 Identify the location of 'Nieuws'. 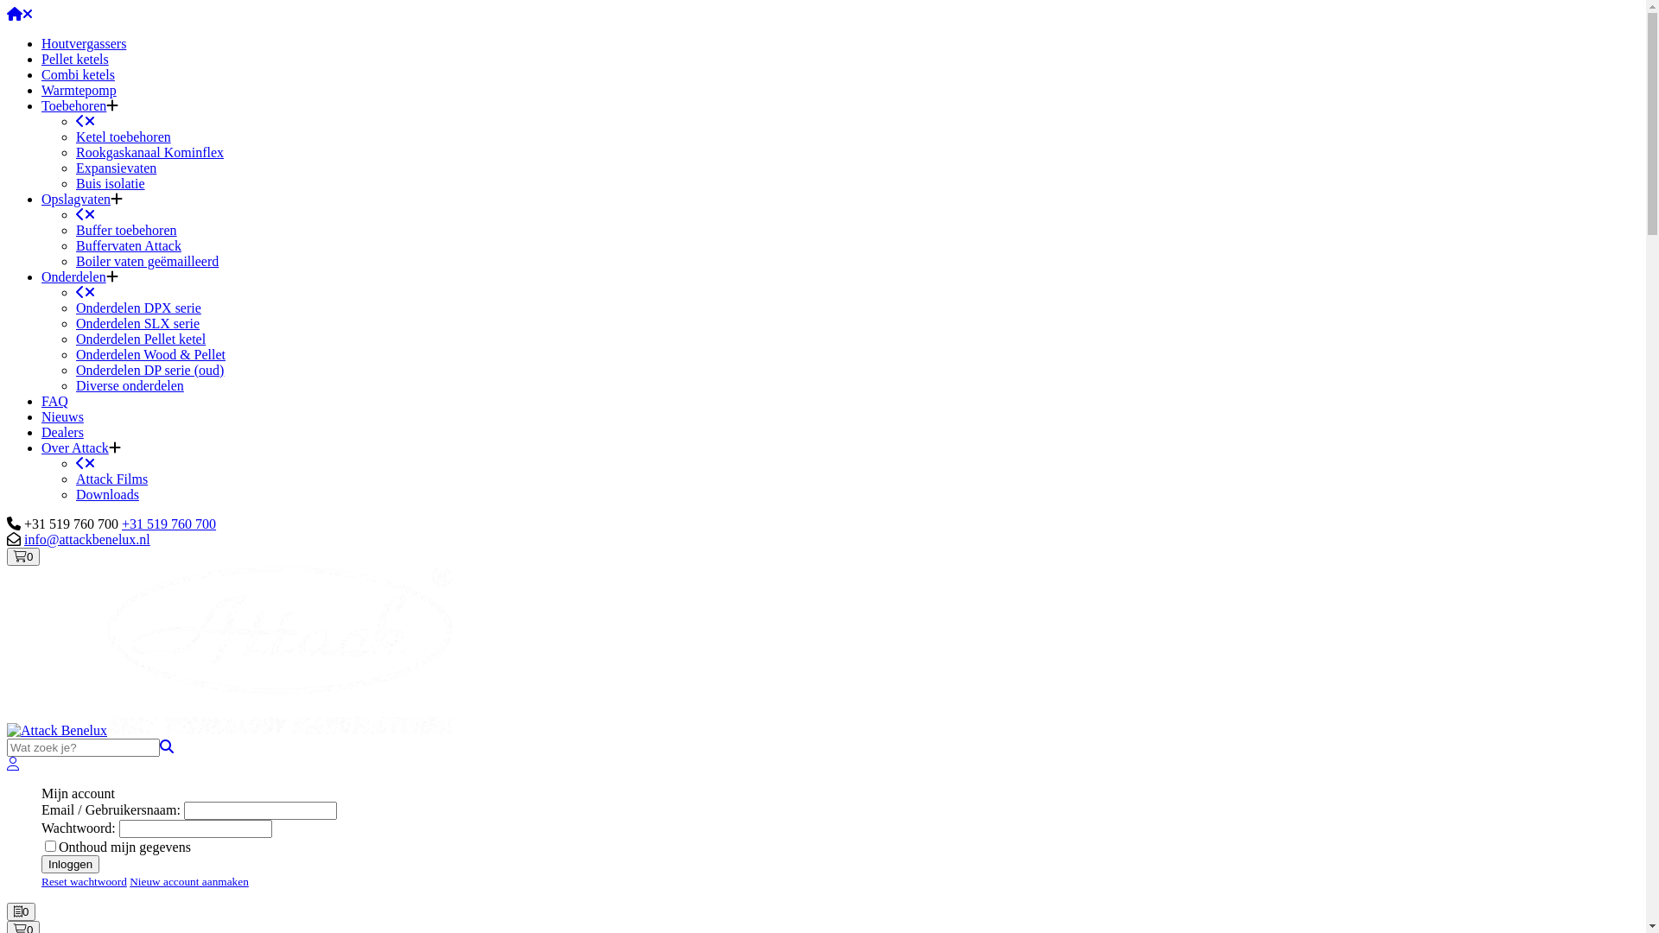
(62, 416).